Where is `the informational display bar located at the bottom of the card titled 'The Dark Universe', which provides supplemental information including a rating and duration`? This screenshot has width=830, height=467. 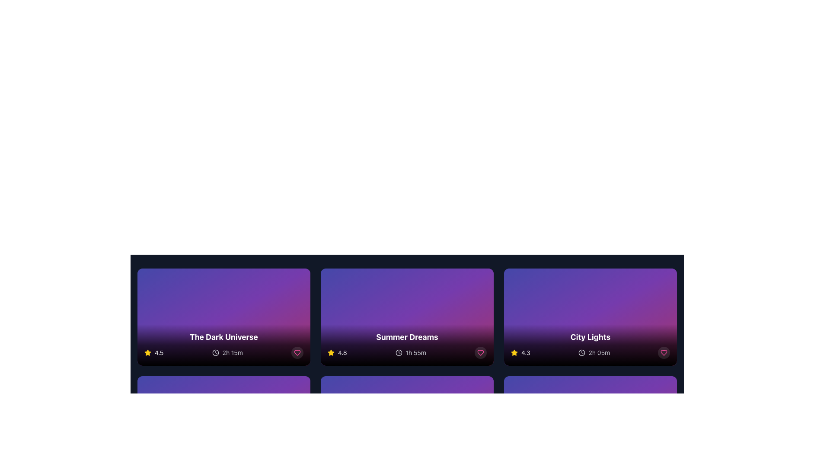 the informational display bar located at the bottom of the card titled 'The Dark Universe', which provides supplemental information including a rating and duration is located at coordinates (224, 353).